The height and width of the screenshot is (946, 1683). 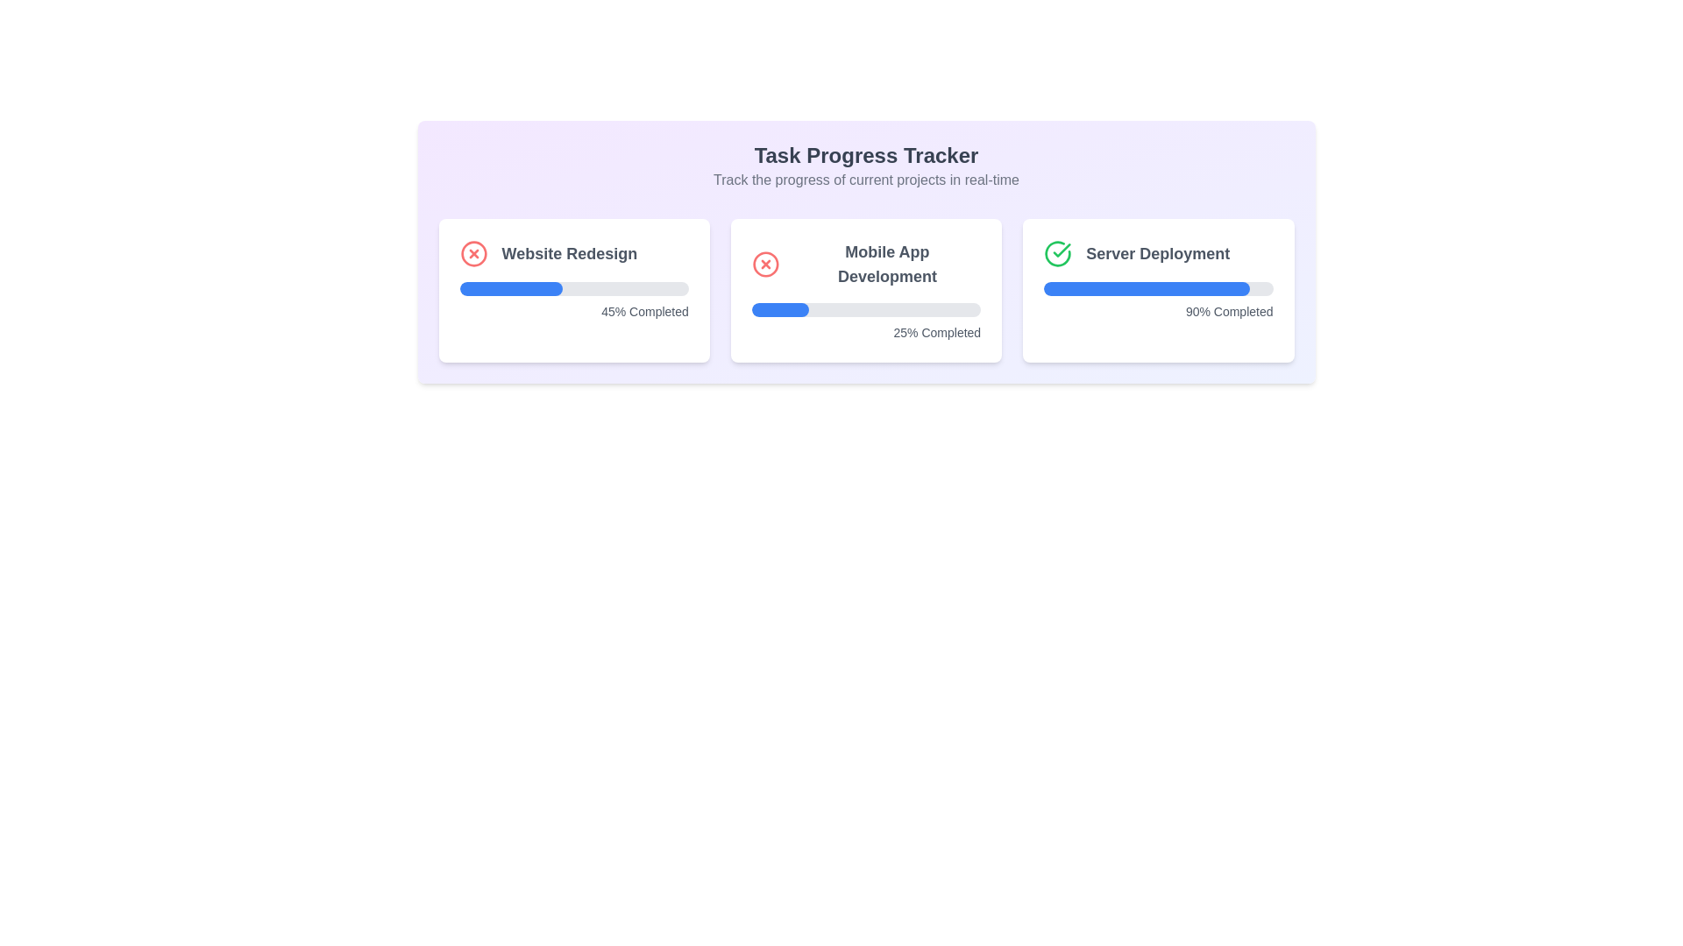 I want to click on the progress bar indicating 45% completion for the 'Website Redesign' task, positioned below the header text, so click(x=574, y=288).